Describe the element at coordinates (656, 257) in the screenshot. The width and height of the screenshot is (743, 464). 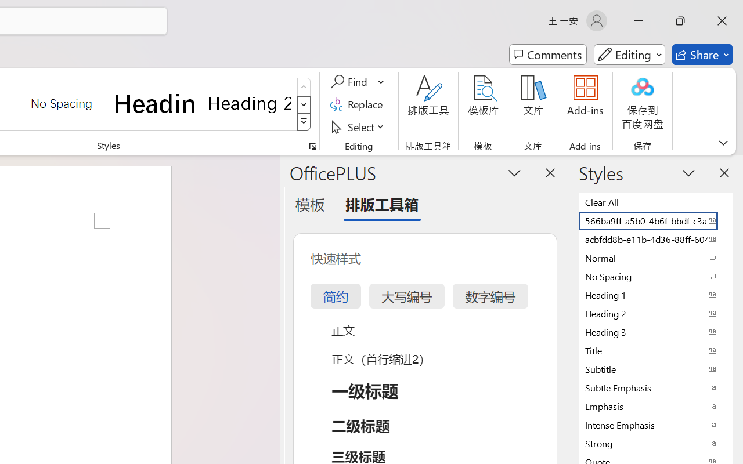
I see `'Normal'` at that location.